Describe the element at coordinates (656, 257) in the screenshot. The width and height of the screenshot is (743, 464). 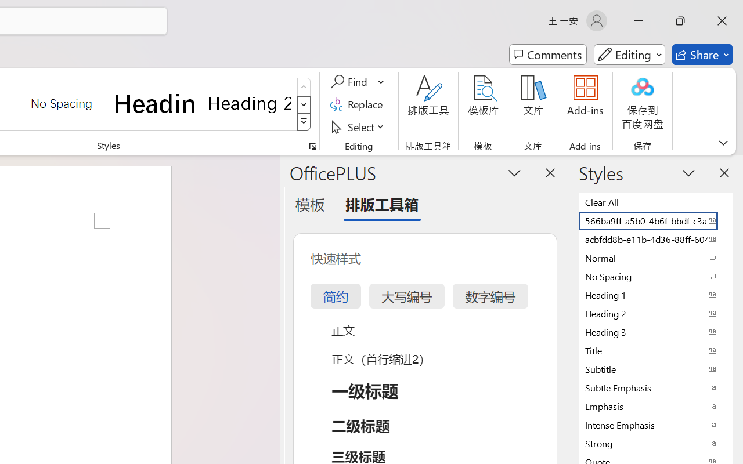
I see `'Normal'` at that location.